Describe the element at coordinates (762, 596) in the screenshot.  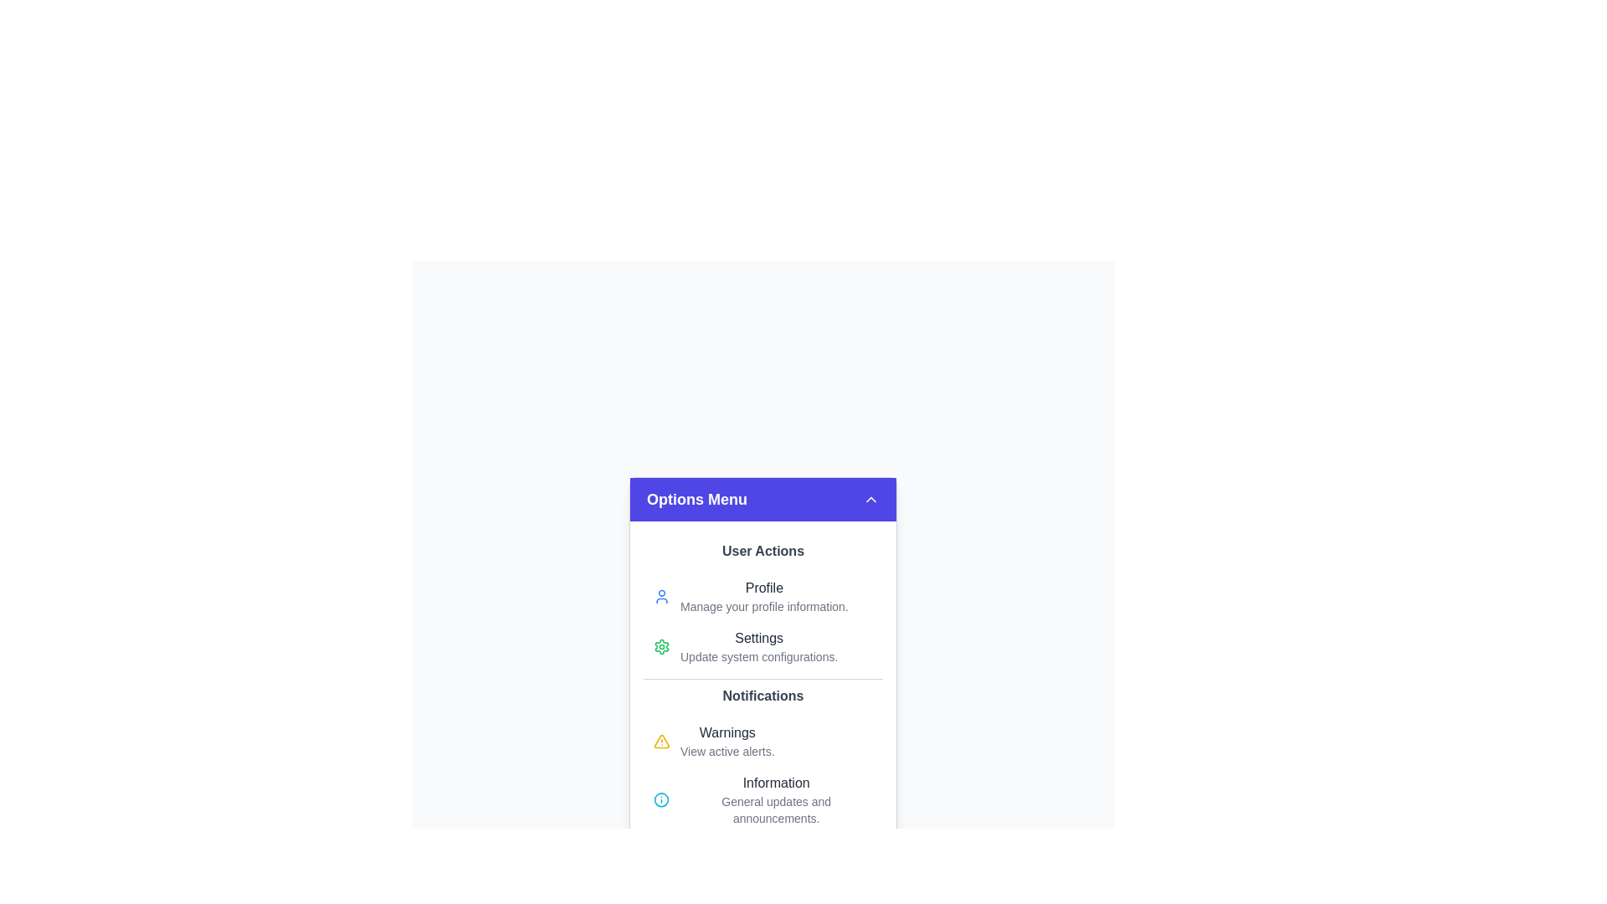
I see `the 'Profile' menu item, which features a blue user silhouette icon and bold text labeled 'Profile'` at that location.